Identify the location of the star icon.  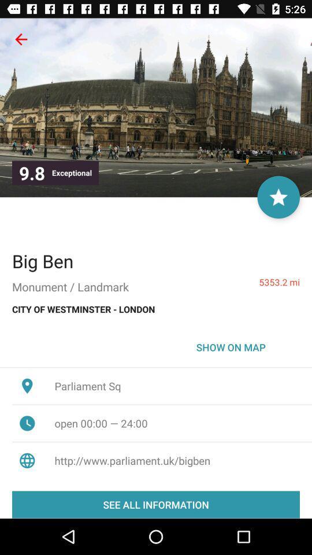
(278, 197).